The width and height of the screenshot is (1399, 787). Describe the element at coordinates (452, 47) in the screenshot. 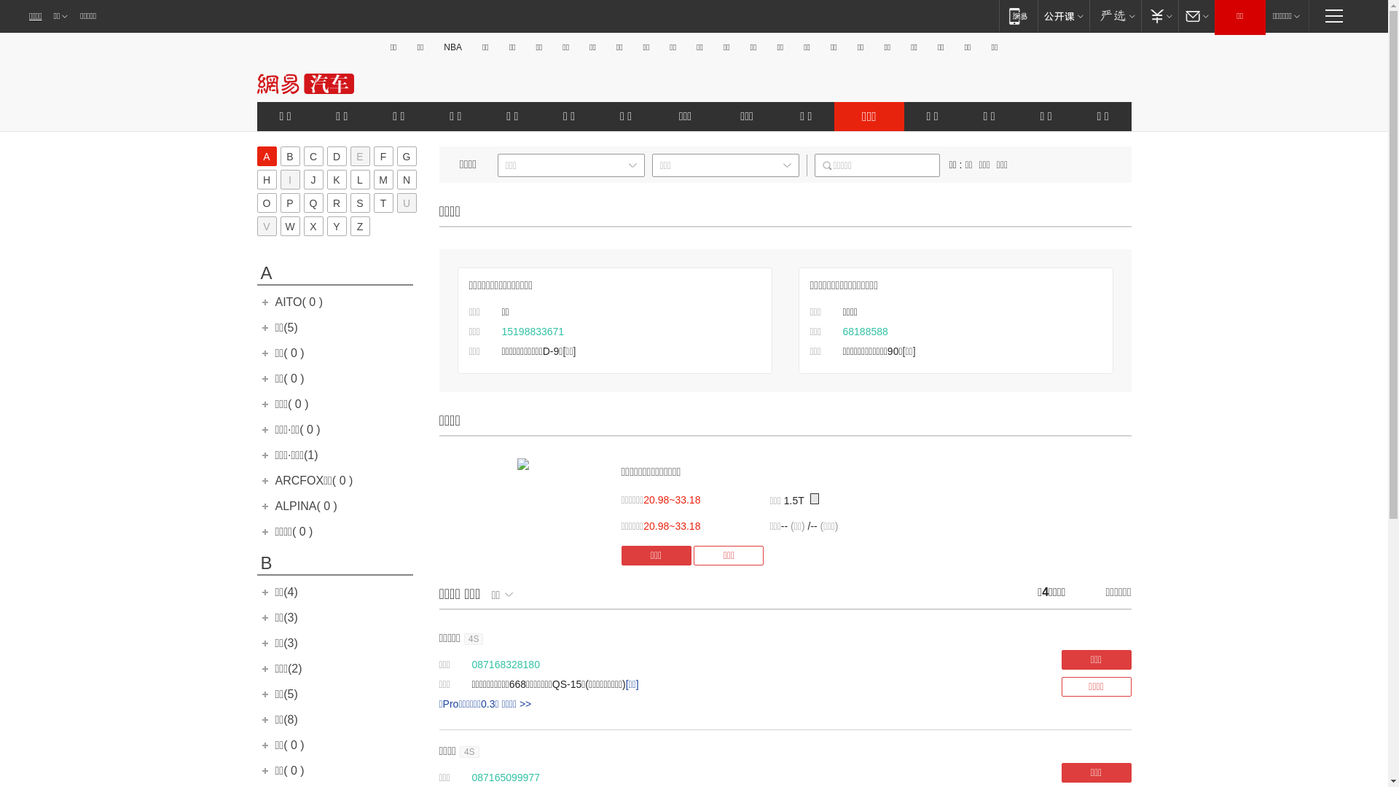

I see `'NBA'` at that location.